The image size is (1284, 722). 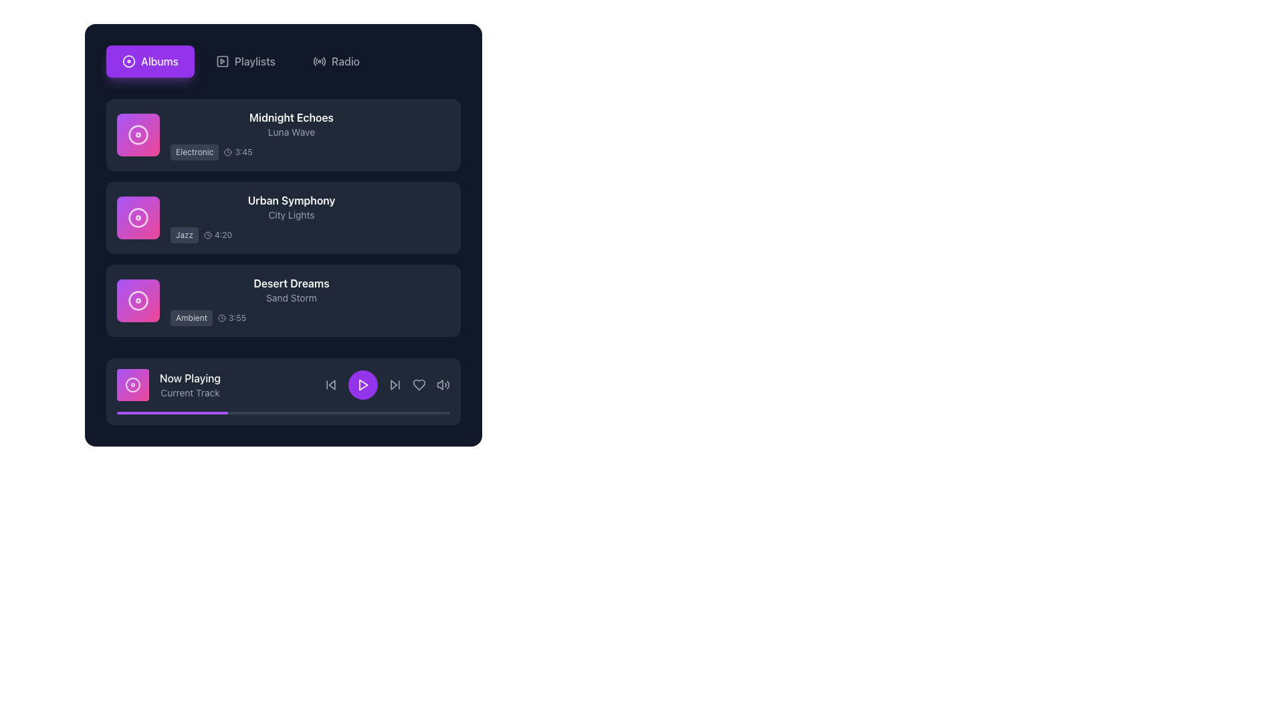 What do you see at coordinates (255, 62) in the screenshot?
I see `the second text-based navigation link in the top horizontal menu` at bounding box center [255, 62].